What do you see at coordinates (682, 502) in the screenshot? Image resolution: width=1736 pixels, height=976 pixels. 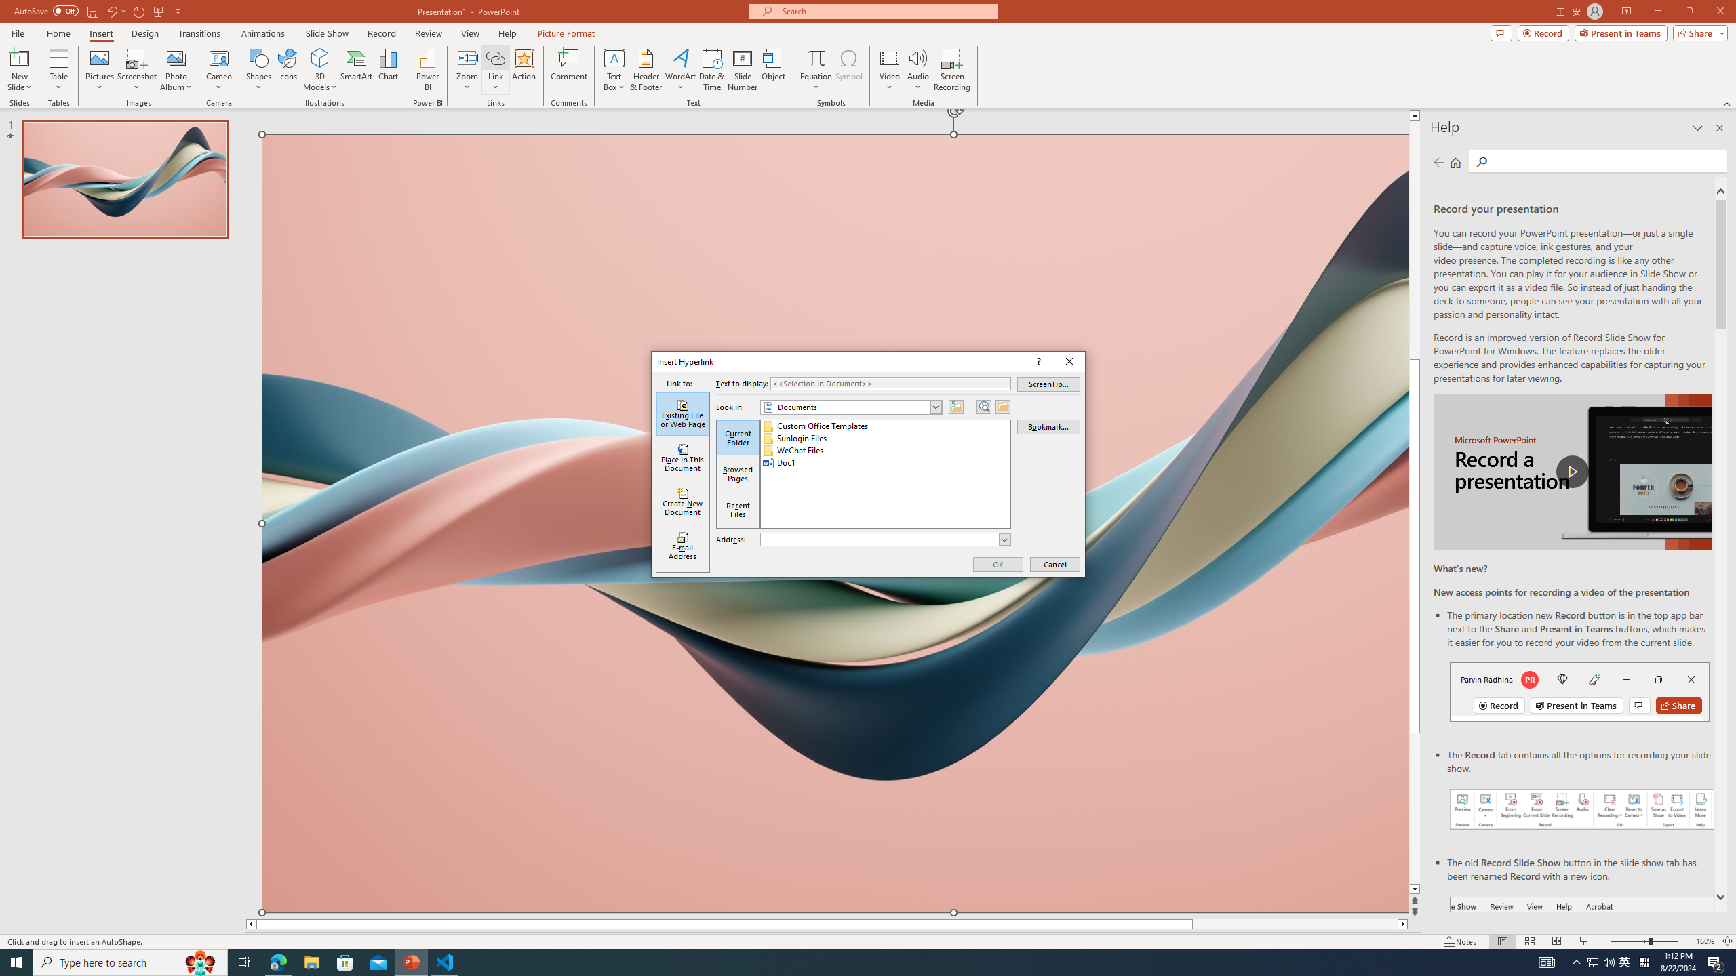 I see `'Create New Document'` at bounding box center [682, 502].